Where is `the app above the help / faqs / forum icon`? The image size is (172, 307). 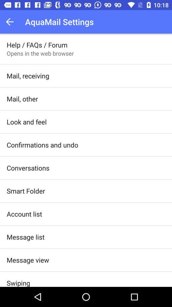 the app above the help / faqs / forum icon is located at coordinates (11, 22).